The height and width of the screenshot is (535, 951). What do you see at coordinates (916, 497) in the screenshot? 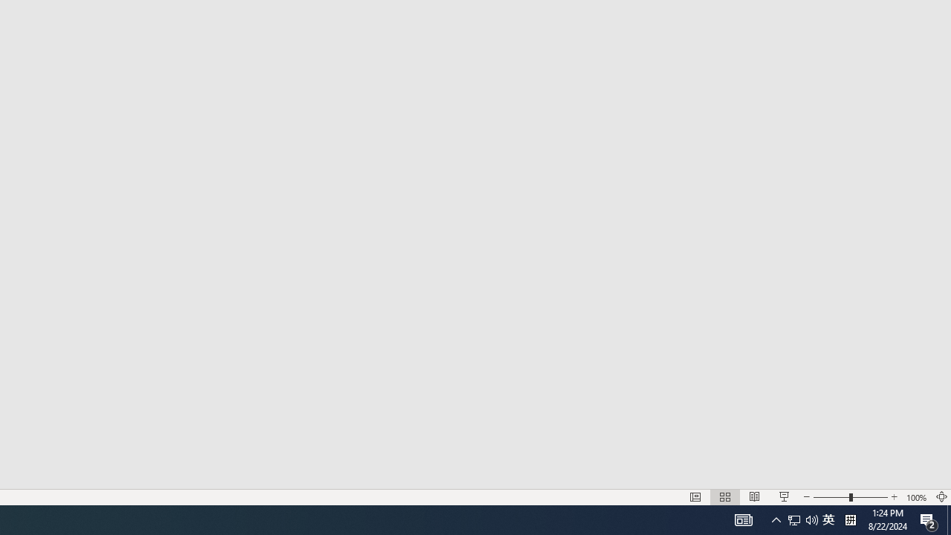
I see `'Zoom 100%'` at bounding box center [916, 497].